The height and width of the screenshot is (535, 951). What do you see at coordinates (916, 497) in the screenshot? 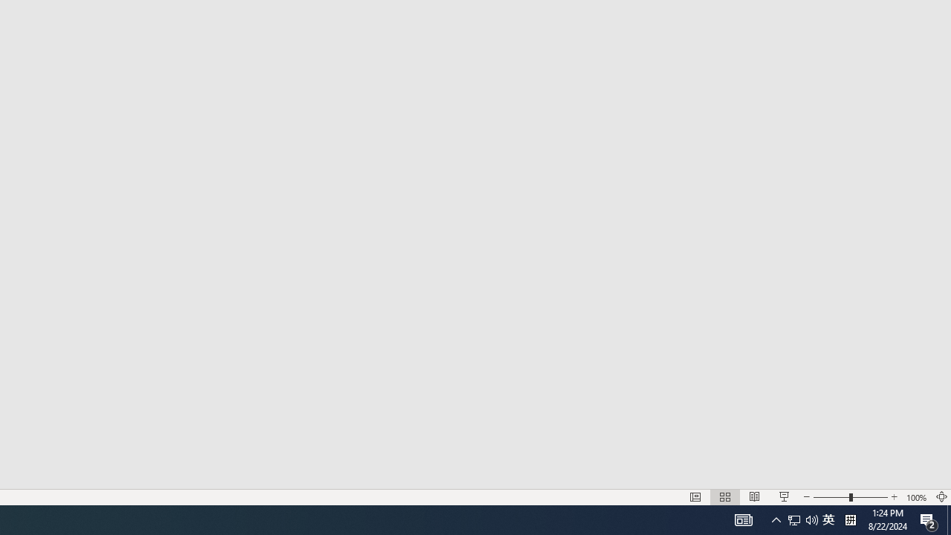
I see `'Zoom 100%'` at bounding box center [916, 497].